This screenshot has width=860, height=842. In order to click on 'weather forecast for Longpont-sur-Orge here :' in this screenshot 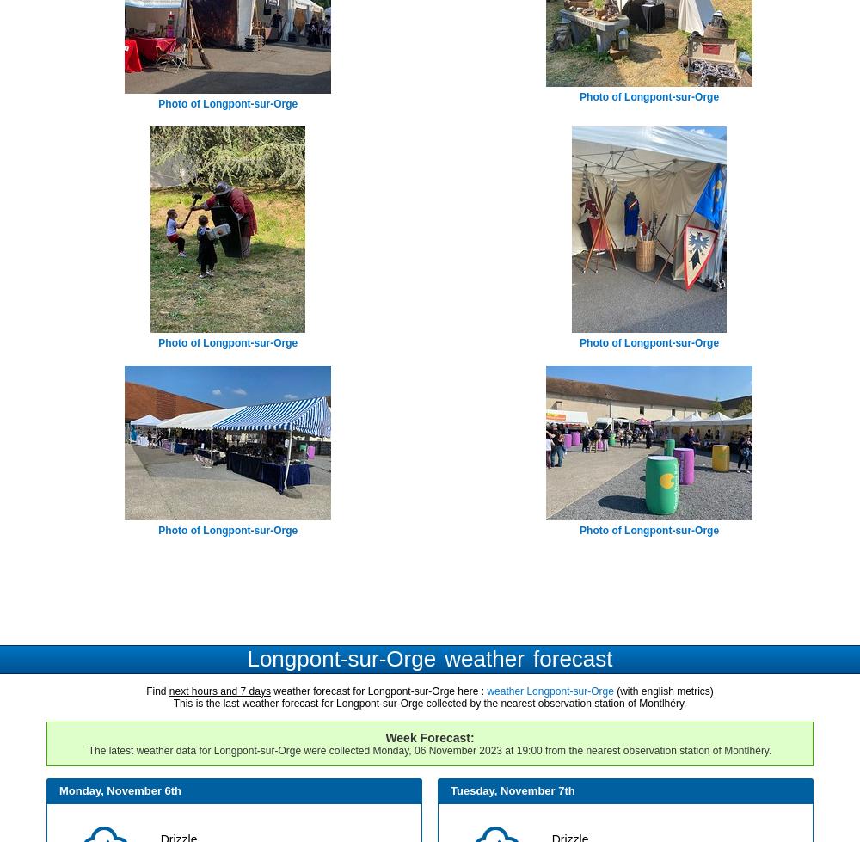, I will do `click(378, 689)`.